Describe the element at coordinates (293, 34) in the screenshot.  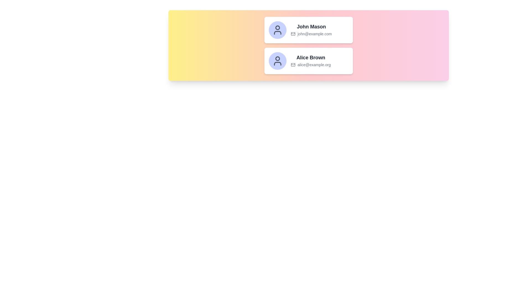
I see `the email icon representing the email address associated with the user, positioned to the left of 'john@example.com' in the card layout for 'John Mason'` at that location.